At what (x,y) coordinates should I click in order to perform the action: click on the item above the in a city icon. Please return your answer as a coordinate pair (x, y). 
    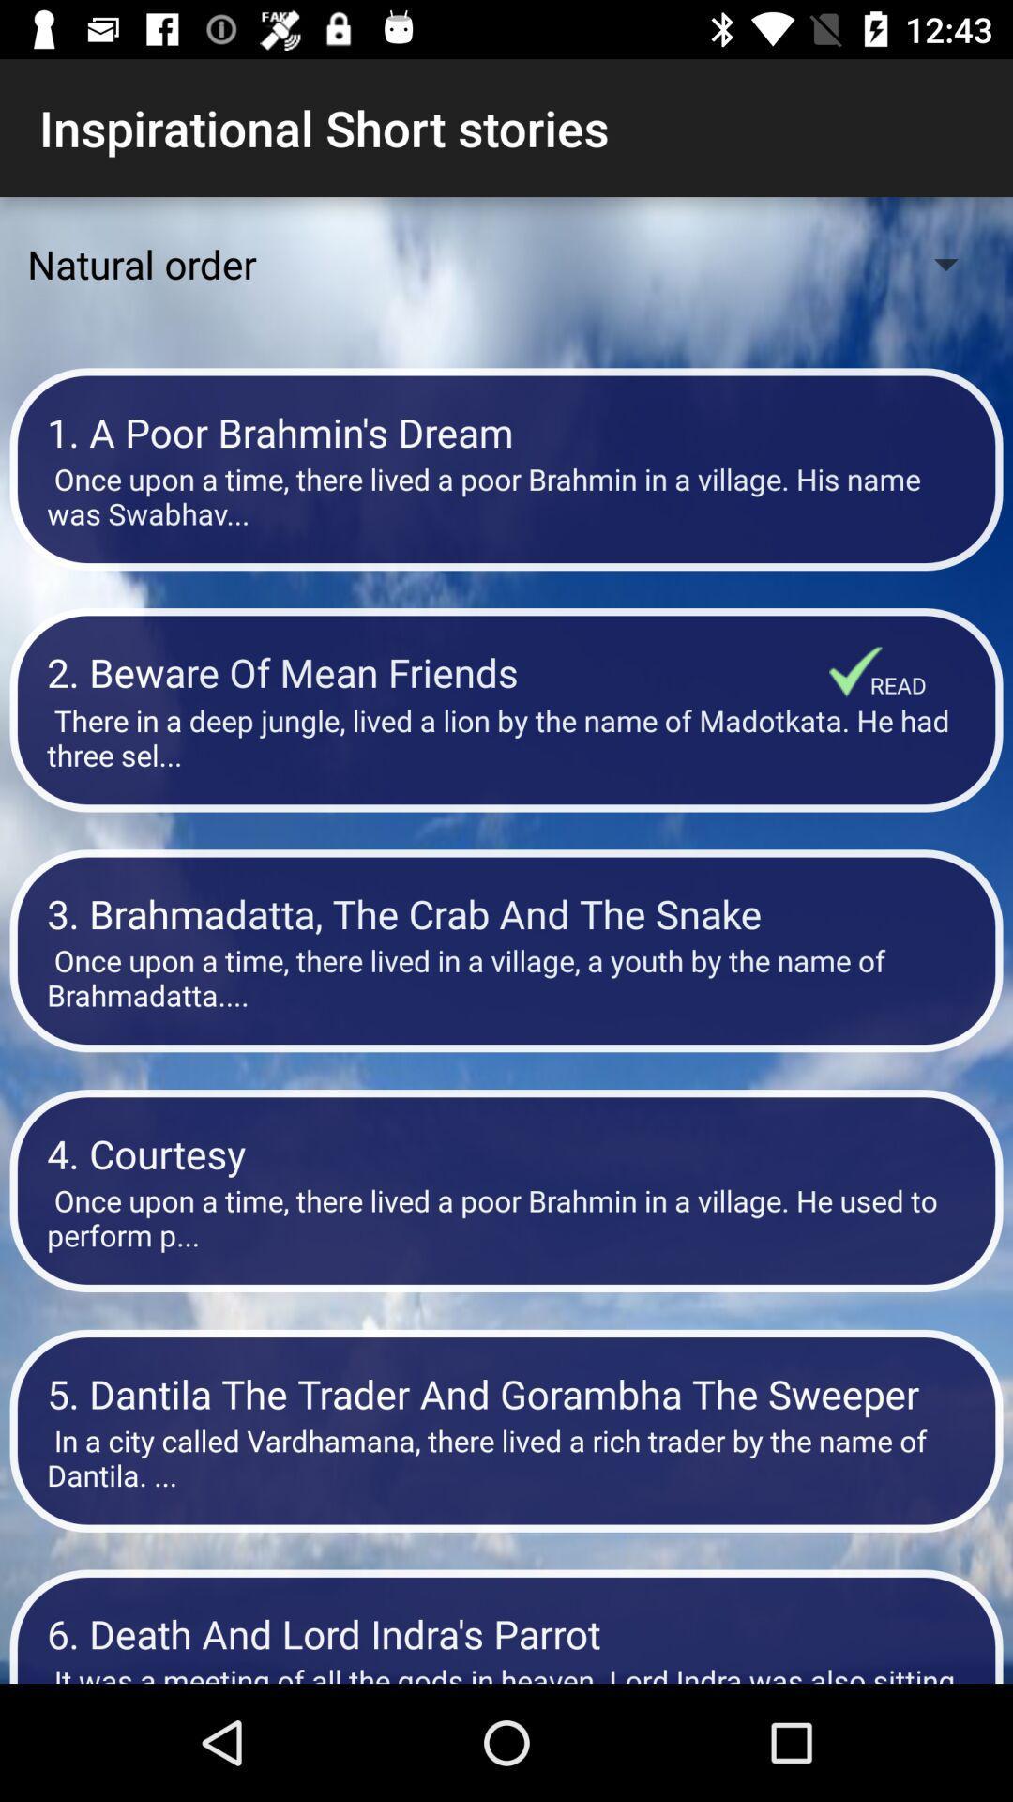
    Looking at the image, I should click on (506, 1393).